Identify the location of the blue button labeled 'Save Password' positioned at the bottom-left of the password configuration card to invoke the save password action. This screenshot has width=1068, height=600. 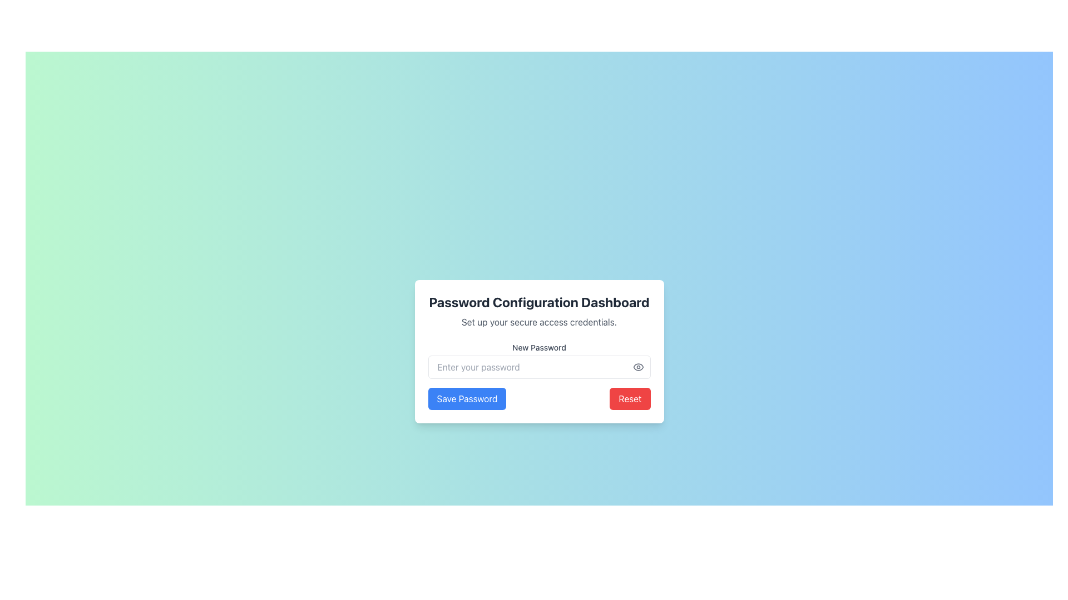
(467, 398).